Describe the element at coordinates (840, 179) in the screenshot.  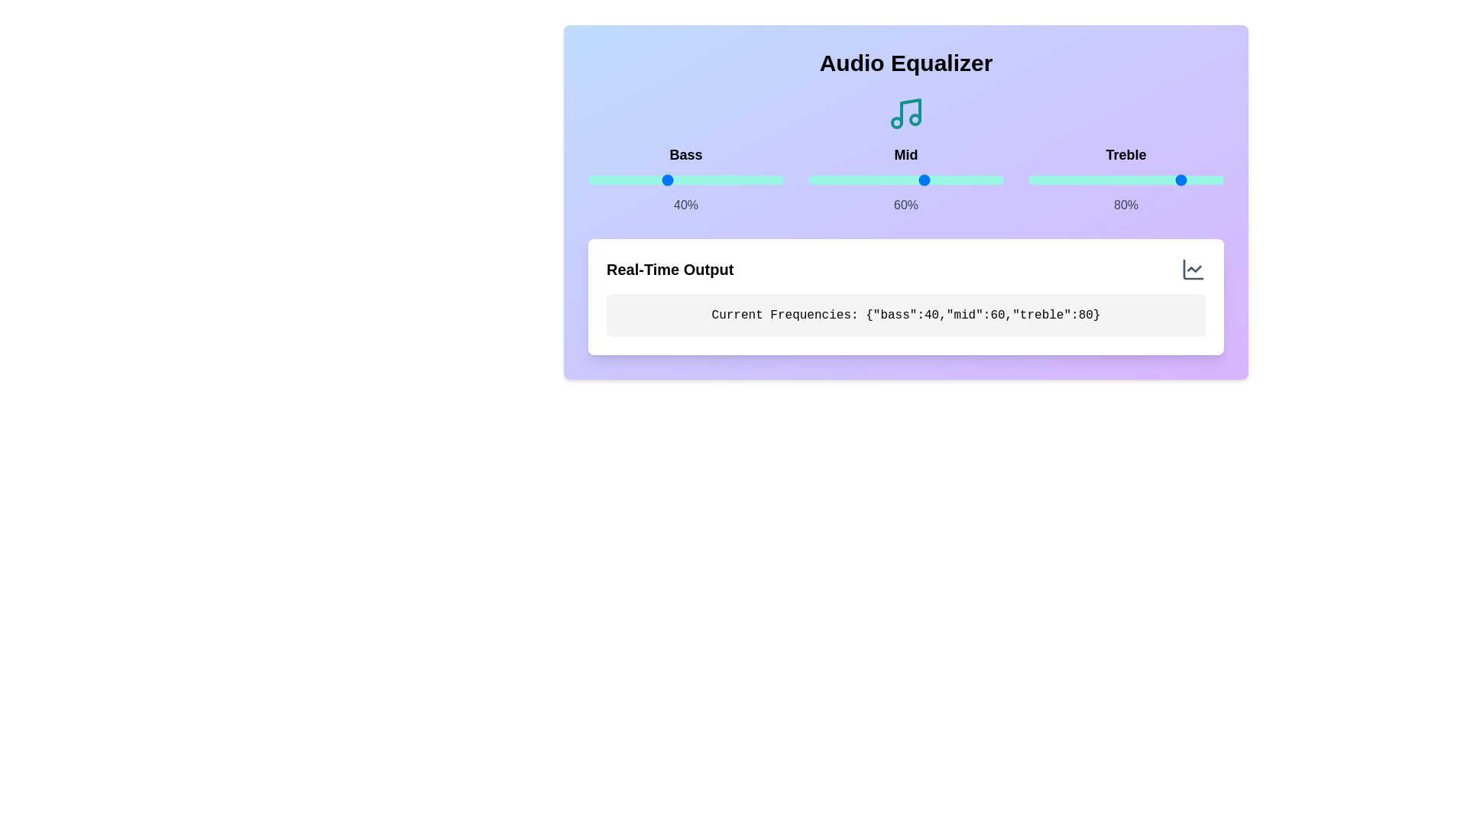
I see `the mid-frequency level` at that location.